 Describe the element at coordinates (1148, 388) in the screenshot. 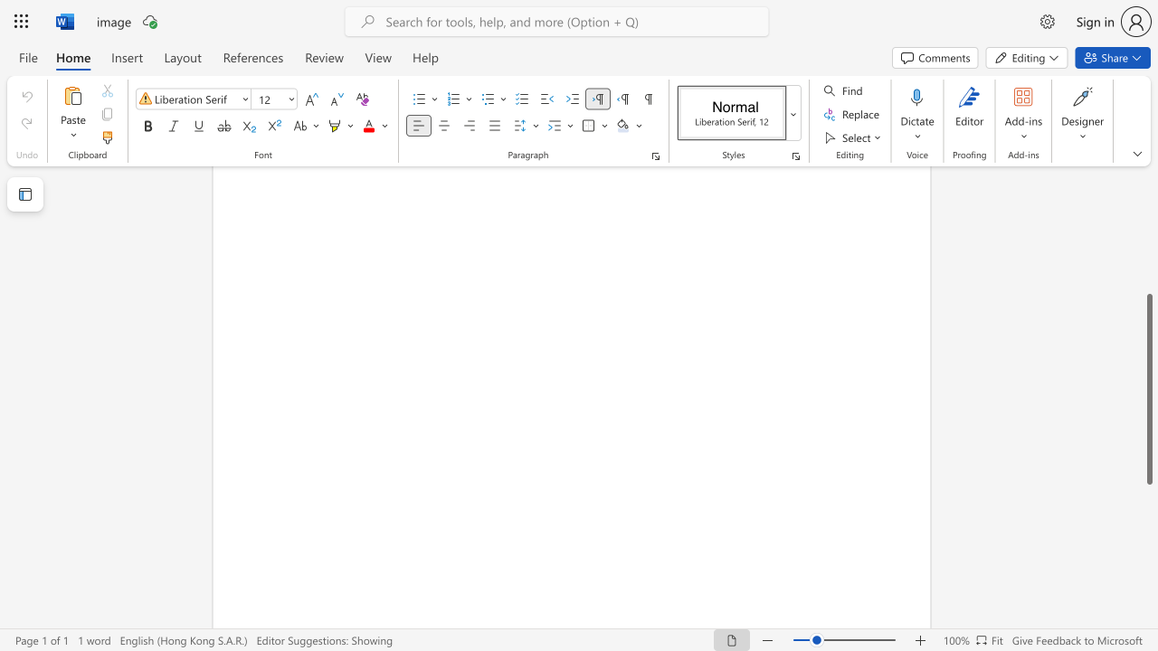

I see `the scrollbar and move up 110 pixels` at that location.